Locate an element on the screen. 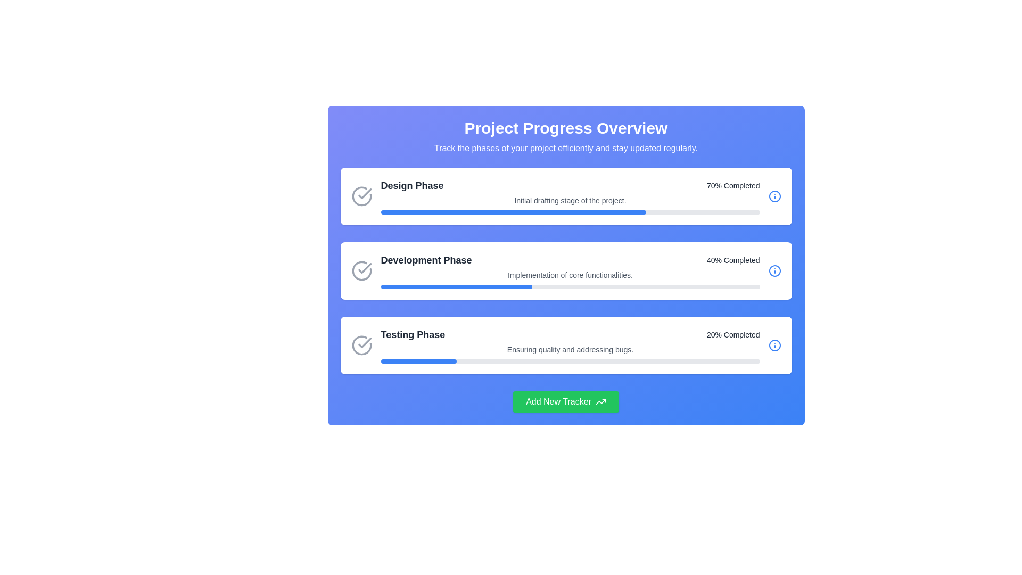  the static text label providing additional information about the 'Development Phase' section, located below the '40% Completed' text is located at coordinates (570, 274).